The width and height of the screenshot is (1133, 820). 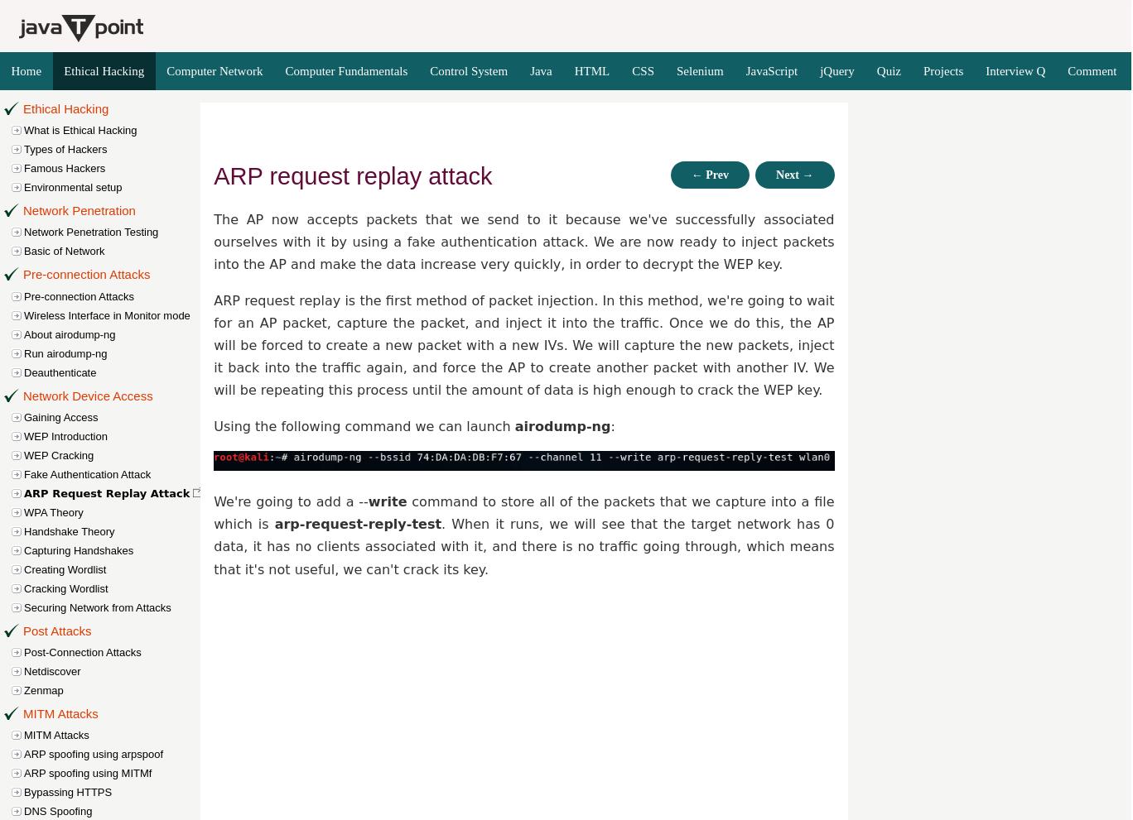 What do you see at coordinates (364, 425) in the screenshot?
I see `'Using the following command we can launch'` at bounding box center [364, 425].